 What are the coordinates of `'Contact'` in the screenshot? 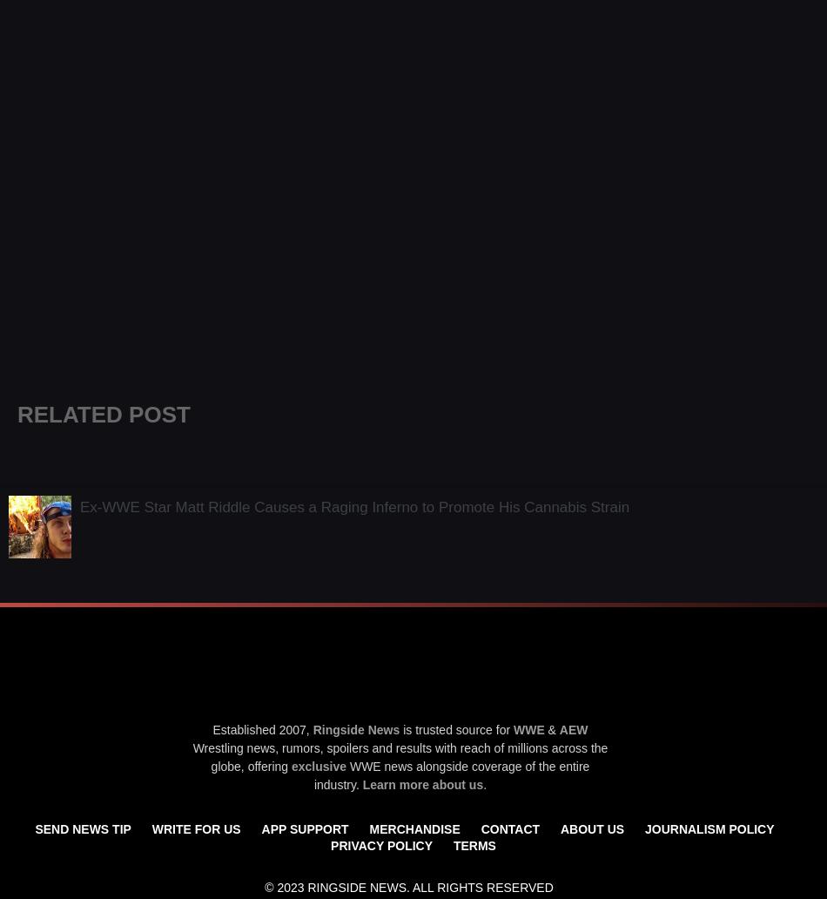 It's located at (509, 827).